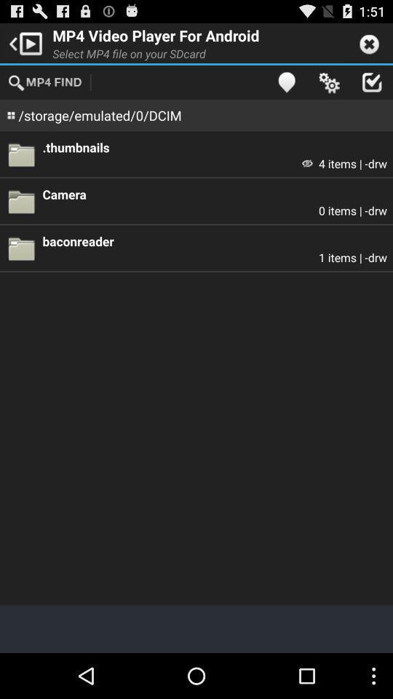 The width and height of the screenshot is (393, 699). I want to click on item above the 1 items | -drw, so click(214, 241).